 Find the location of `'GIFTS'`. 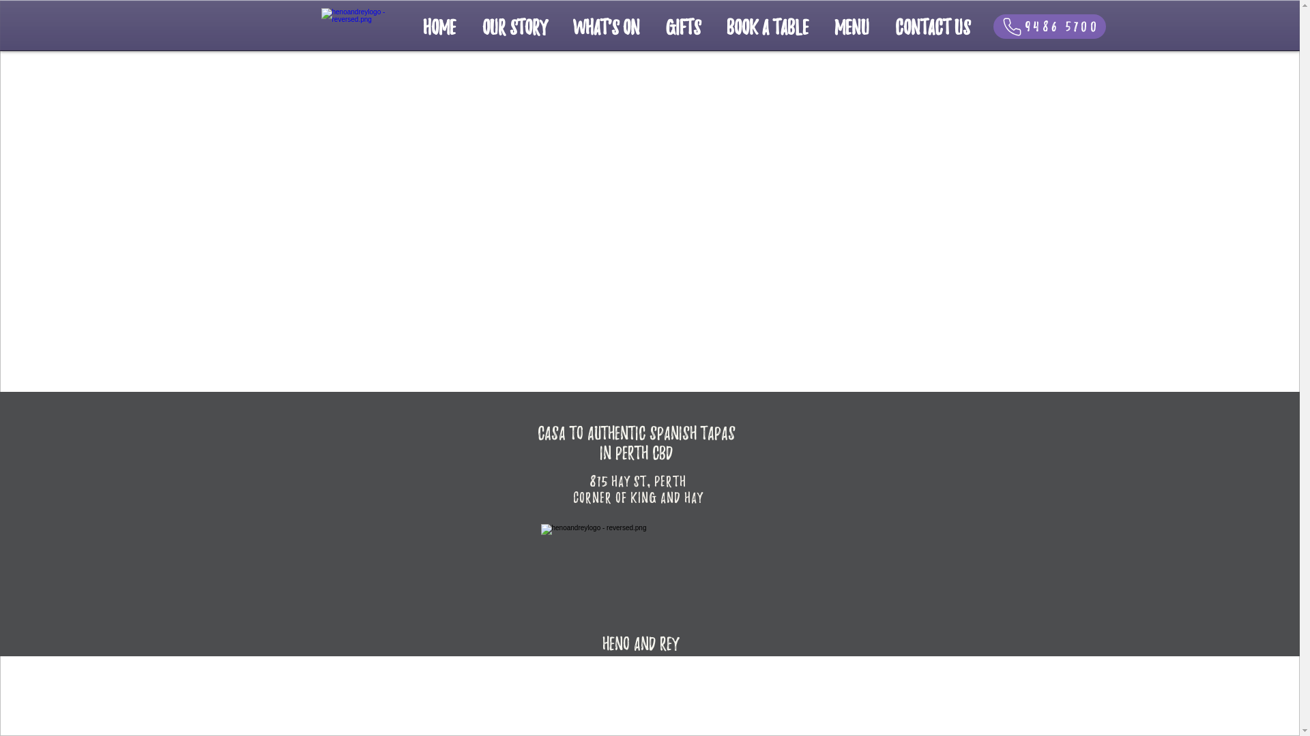

'GIFTS' is located at coordinates (682, 26).